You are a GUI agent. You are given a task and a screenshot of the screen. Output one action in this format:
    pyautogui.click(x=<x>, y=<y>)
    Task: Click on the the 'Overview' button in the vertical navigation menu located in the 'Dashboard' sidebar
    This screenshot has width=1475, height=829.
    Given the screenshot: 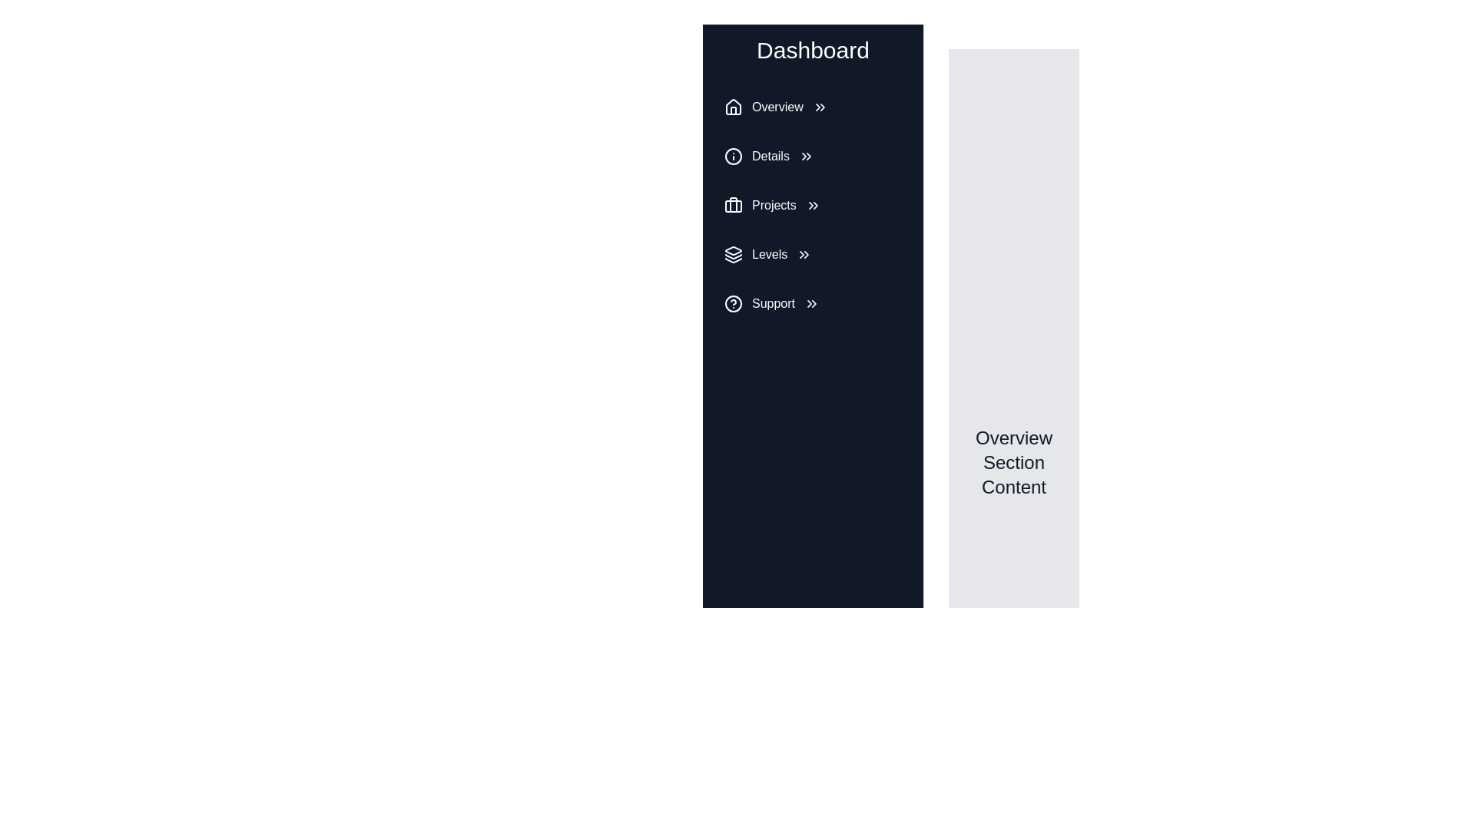 What is the action you would take?
    pyautogui.click(x=812, y=106)
    